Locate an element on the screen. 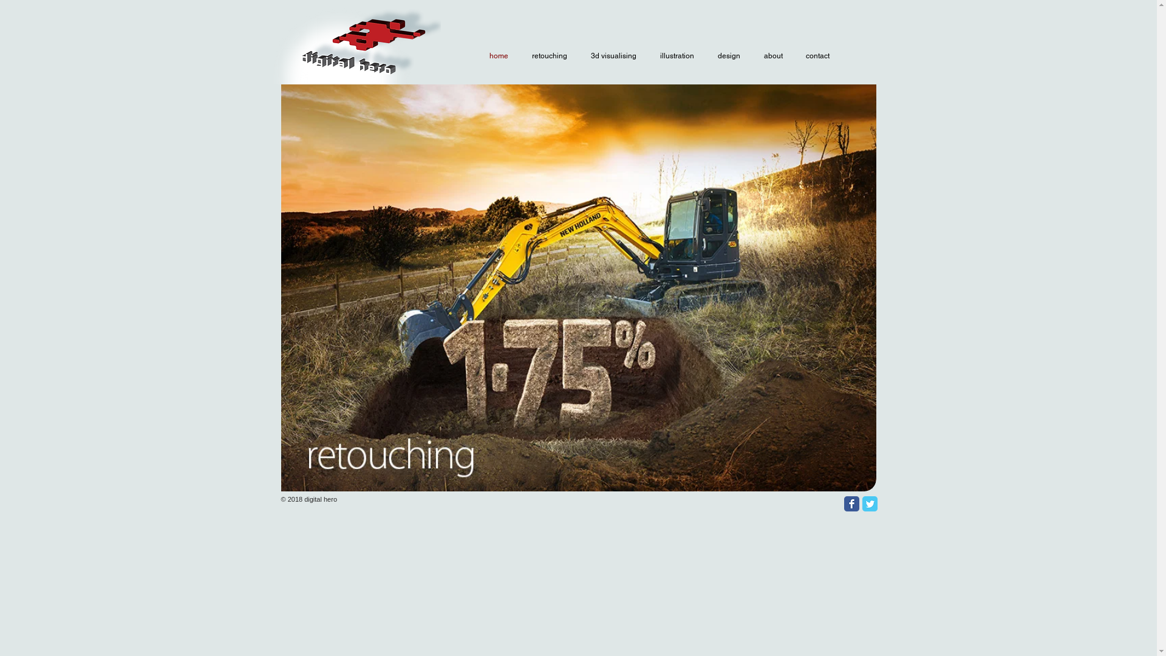 The image size is (1166, 656). 'contact' is located at coordinates (793, 56).